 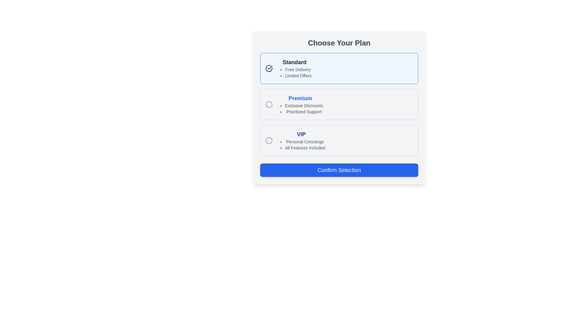 I want to click on the blue rectangular button labeled 'Confirm Selection' to change its color to a darker shade of blue, so click(x=339, y=170).